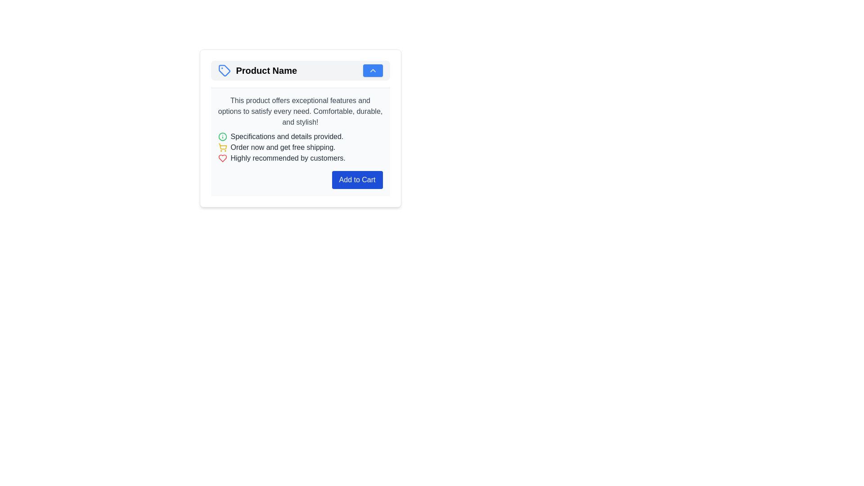 Image resolution: width=864 pixels, height=486 pixels. I want to click on the shopping icon that indicates free shipping functionality, located on the left side of the text 'Order now and get free shipping.', so click(222, 147).